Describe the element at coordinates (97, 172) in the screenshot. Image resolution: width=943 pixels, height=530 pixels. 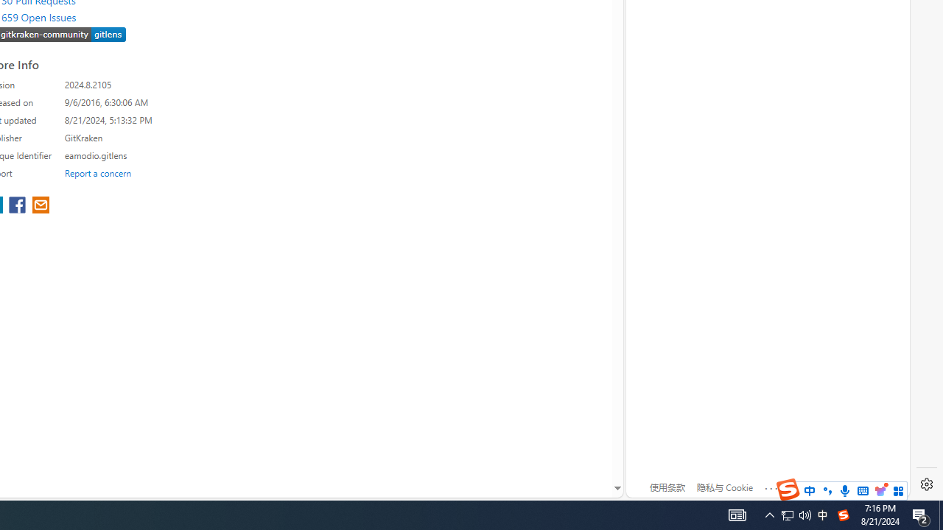
I see `'Report a concern'` at that location.